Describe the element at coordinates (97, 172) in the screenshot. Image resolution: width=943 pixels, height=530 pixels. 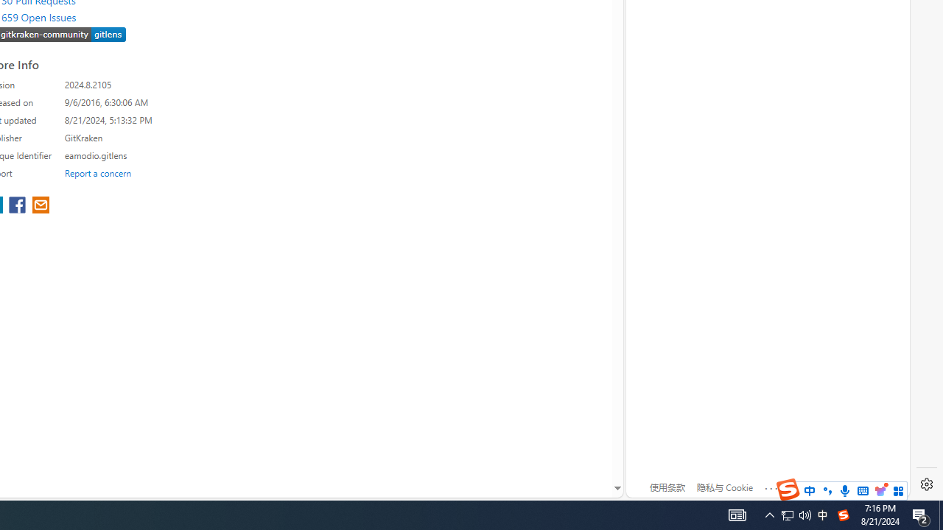
I see `'Report a concern'` at that location.